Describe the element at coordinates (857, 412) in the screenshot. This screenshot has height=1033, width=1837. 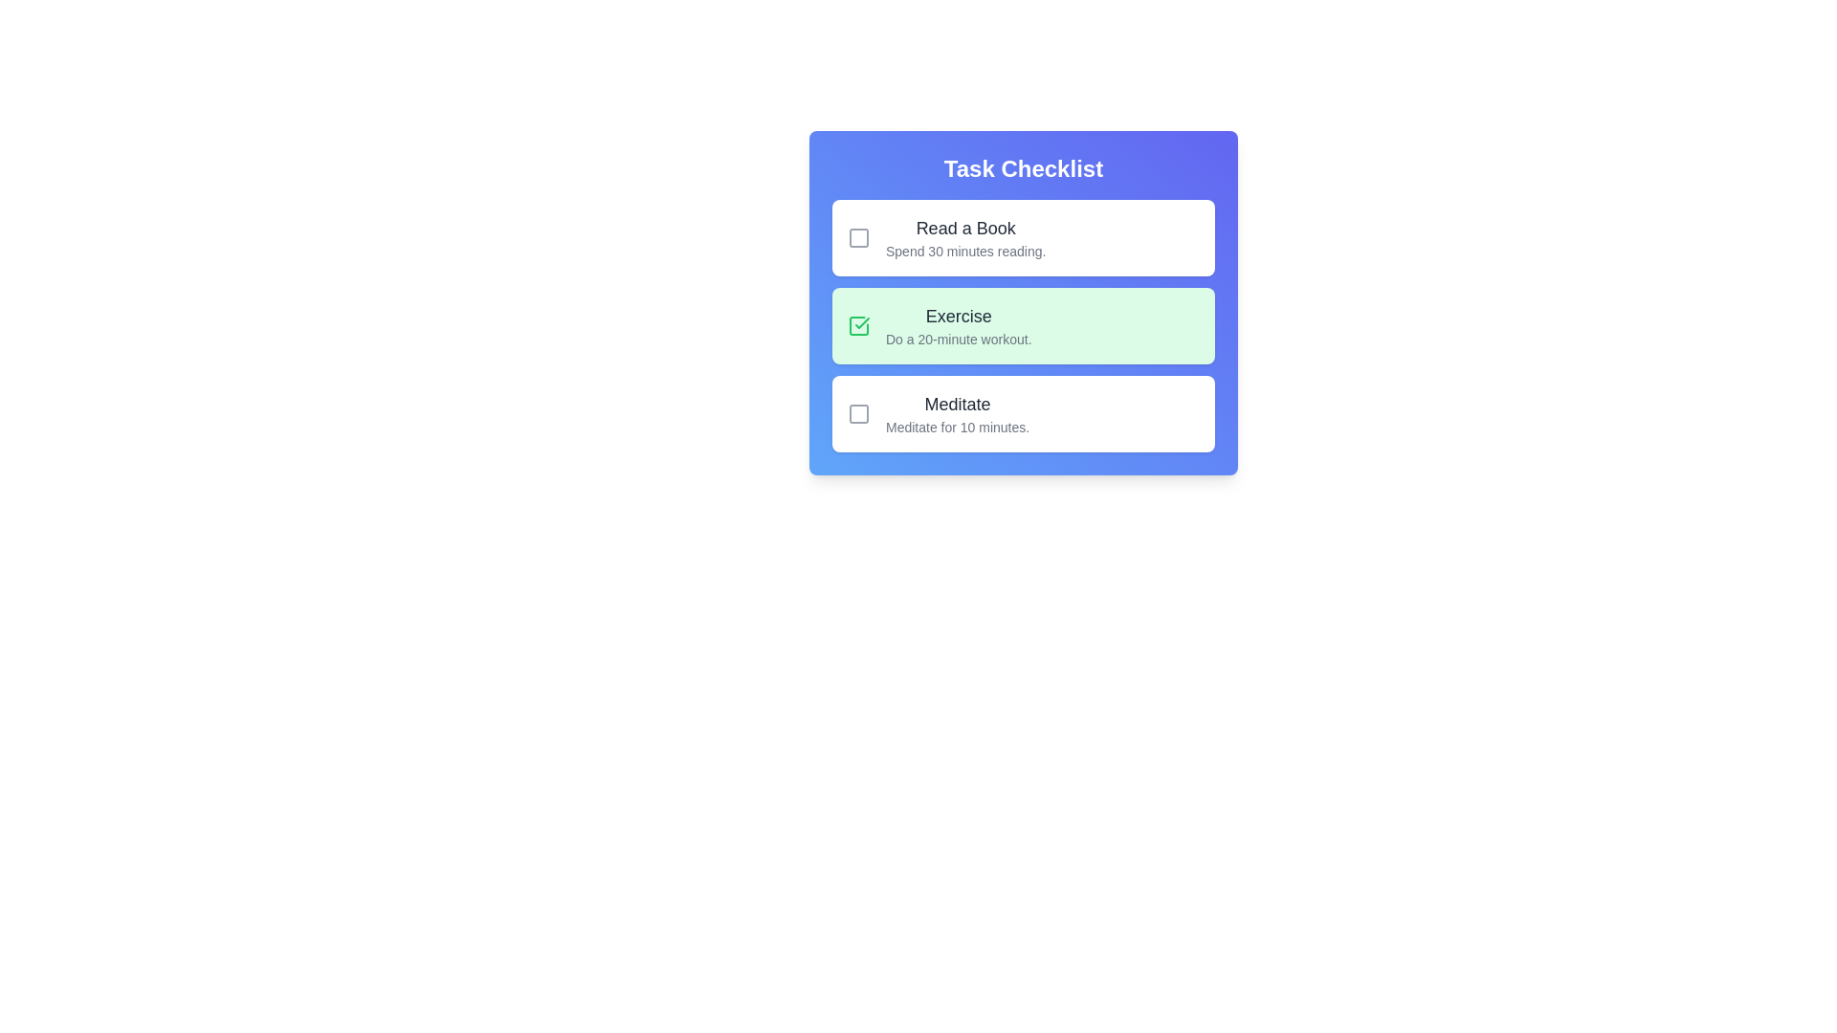
I see `the checkbox icon for task Meditate to determine its completion status` at that location.